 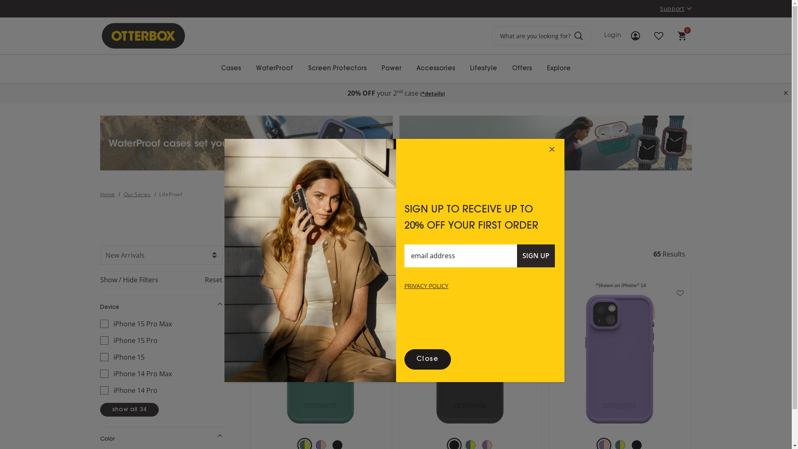 What do you see at coordinates (522, 68) in the screenshot?
I see `'Offers'` at bounding box center [522, 68].